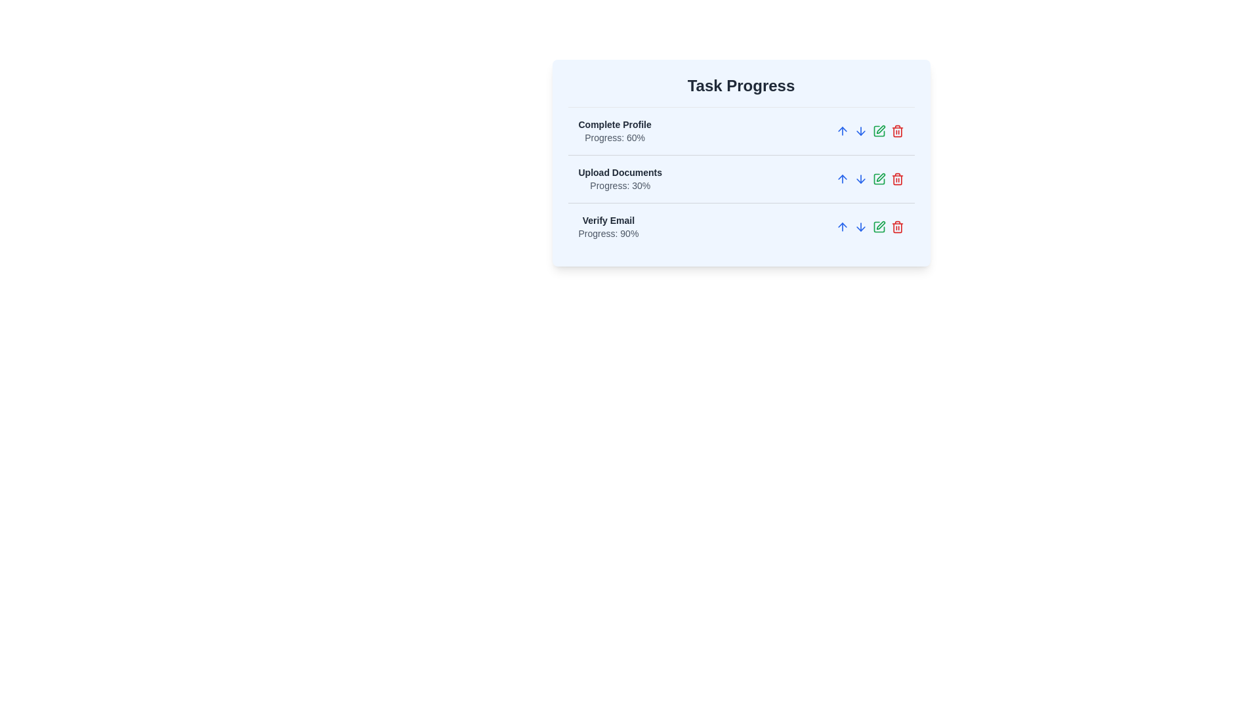  Describe the element at coordinates (896, 227) in the screenshot. I see `the red trash bin icon button` at that location.